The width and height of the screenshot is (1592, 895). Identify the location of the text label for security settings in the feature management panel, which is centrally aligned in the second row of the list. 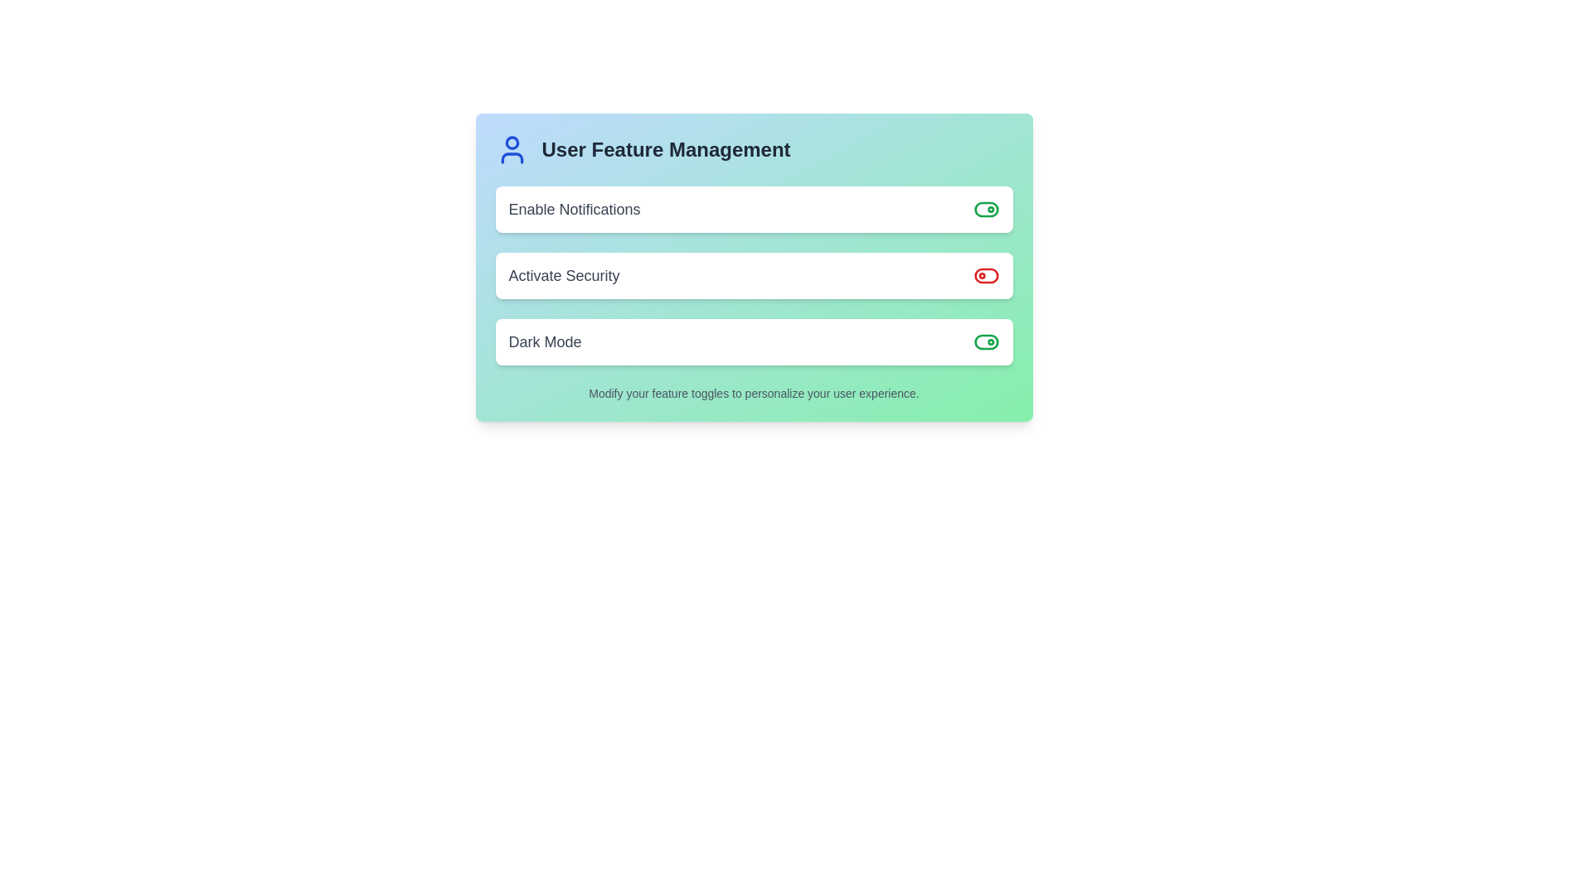
(564, 274).